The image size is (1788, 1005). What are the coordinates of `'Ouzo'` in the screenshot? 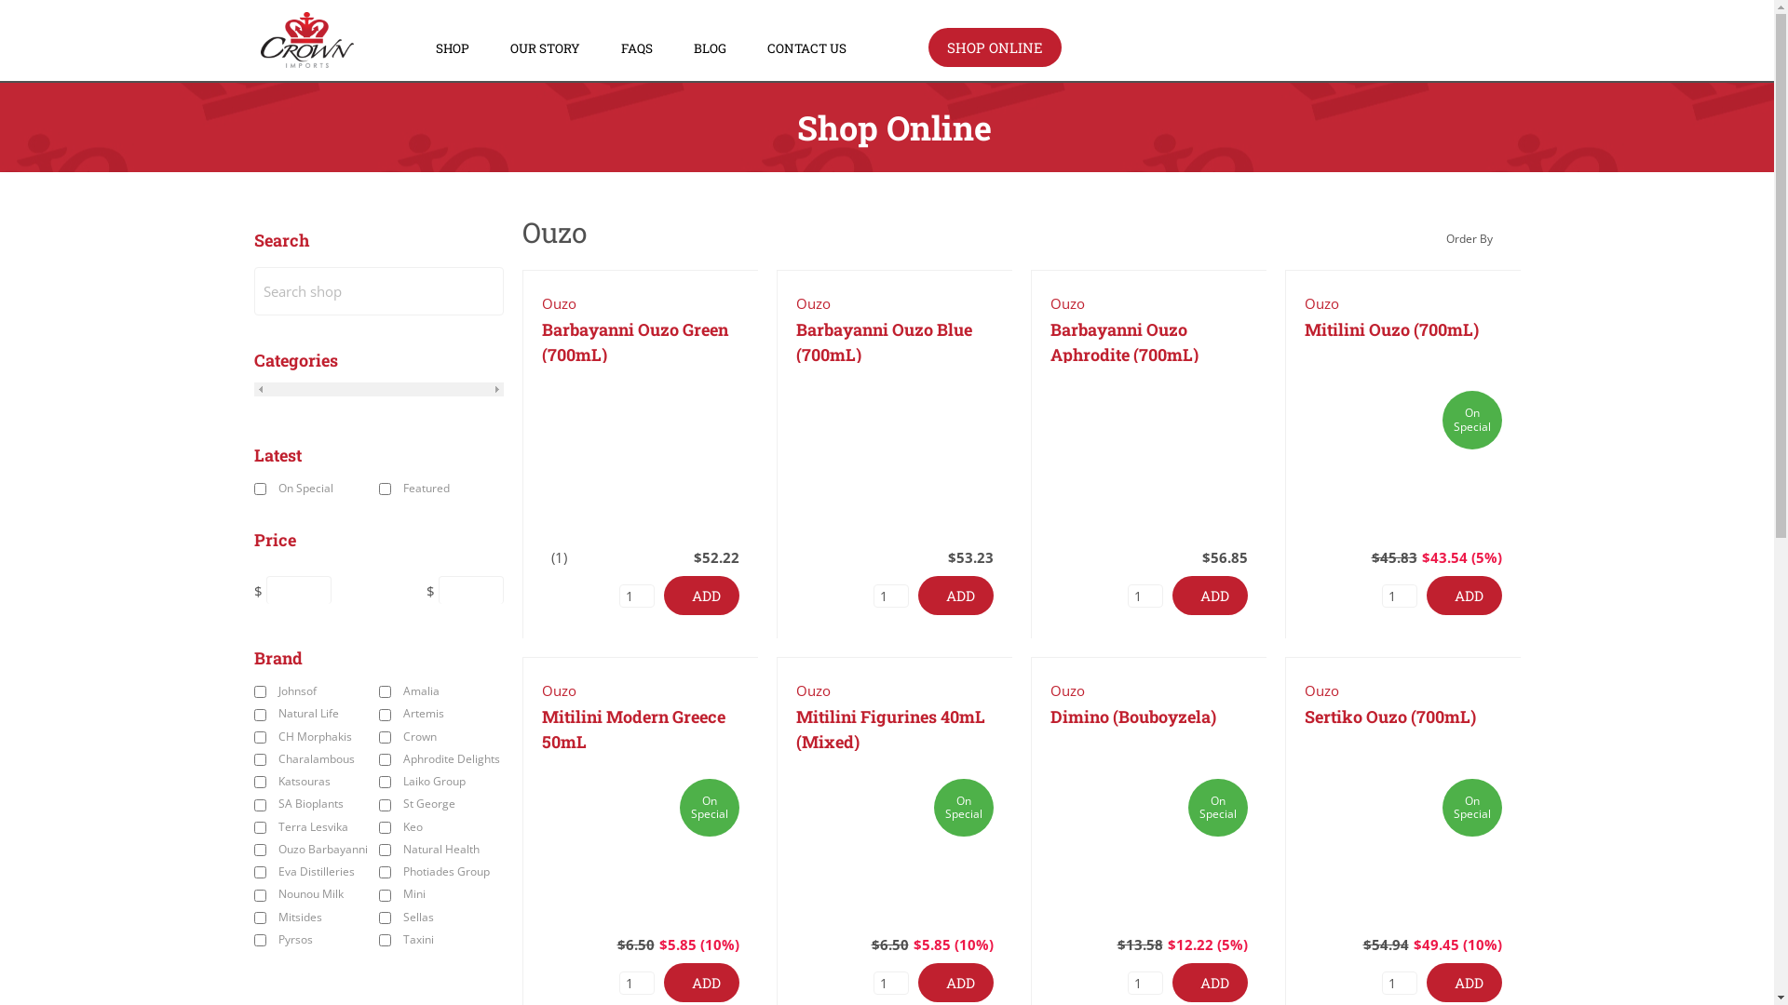 It's located at (558, 302).